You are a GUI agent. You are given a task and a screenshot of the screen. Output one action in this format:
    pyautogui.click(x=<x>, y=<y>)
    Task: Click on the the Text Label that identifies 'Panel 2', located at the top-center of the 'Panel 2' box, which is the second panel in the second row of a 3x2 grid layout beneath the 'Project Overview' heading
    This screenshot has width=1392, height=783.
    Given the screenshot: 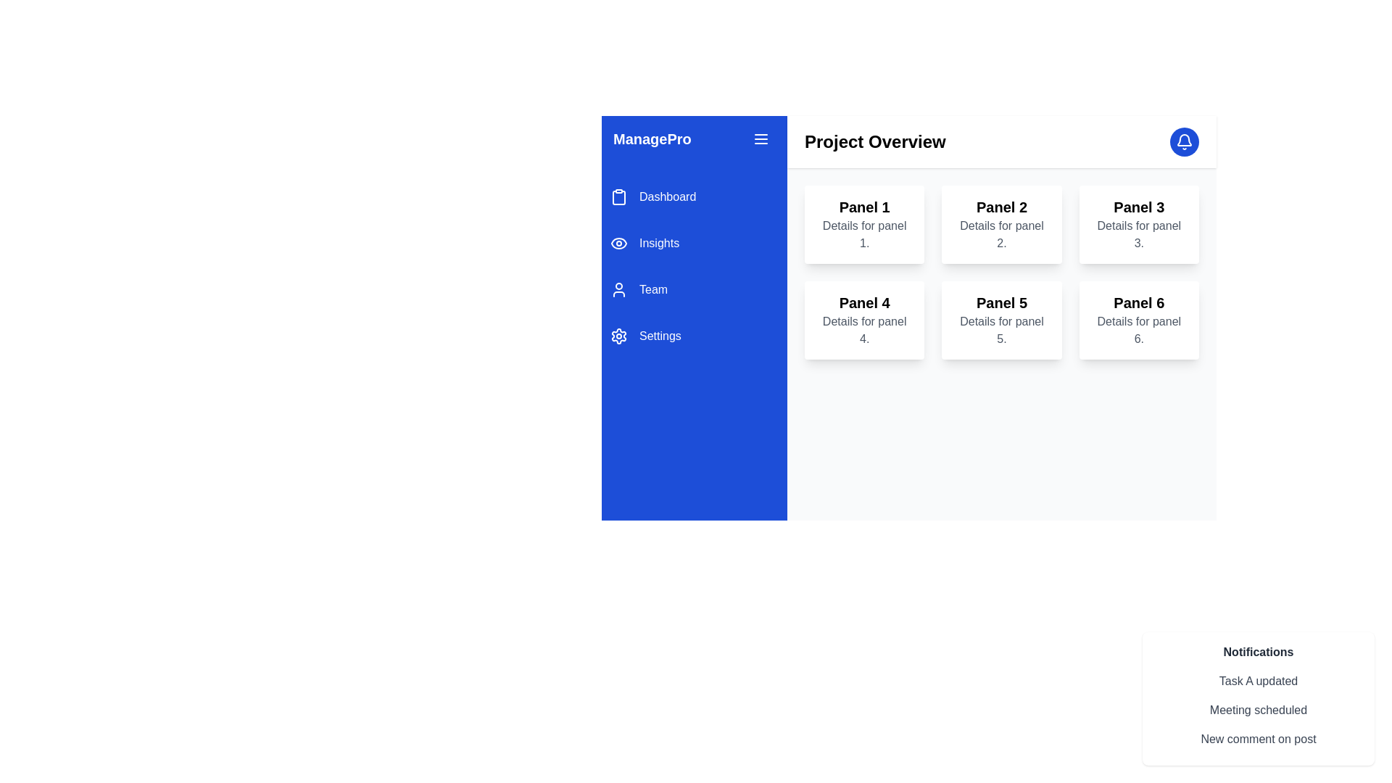 What is the action you would take?
    pyautogui.click(x=1001, y=207)
    